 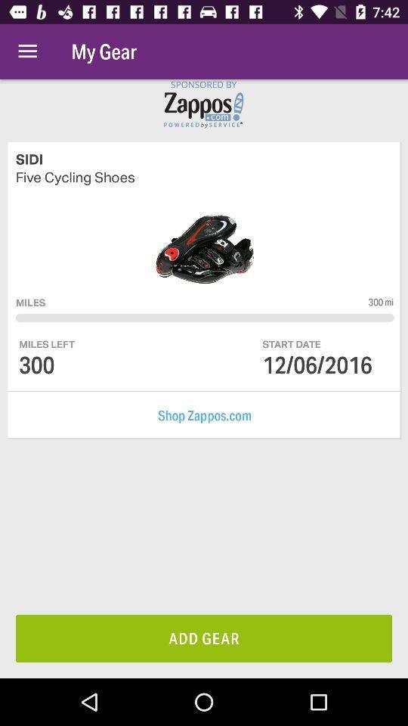 I want to click on add gear, so click(x=204, y=638).